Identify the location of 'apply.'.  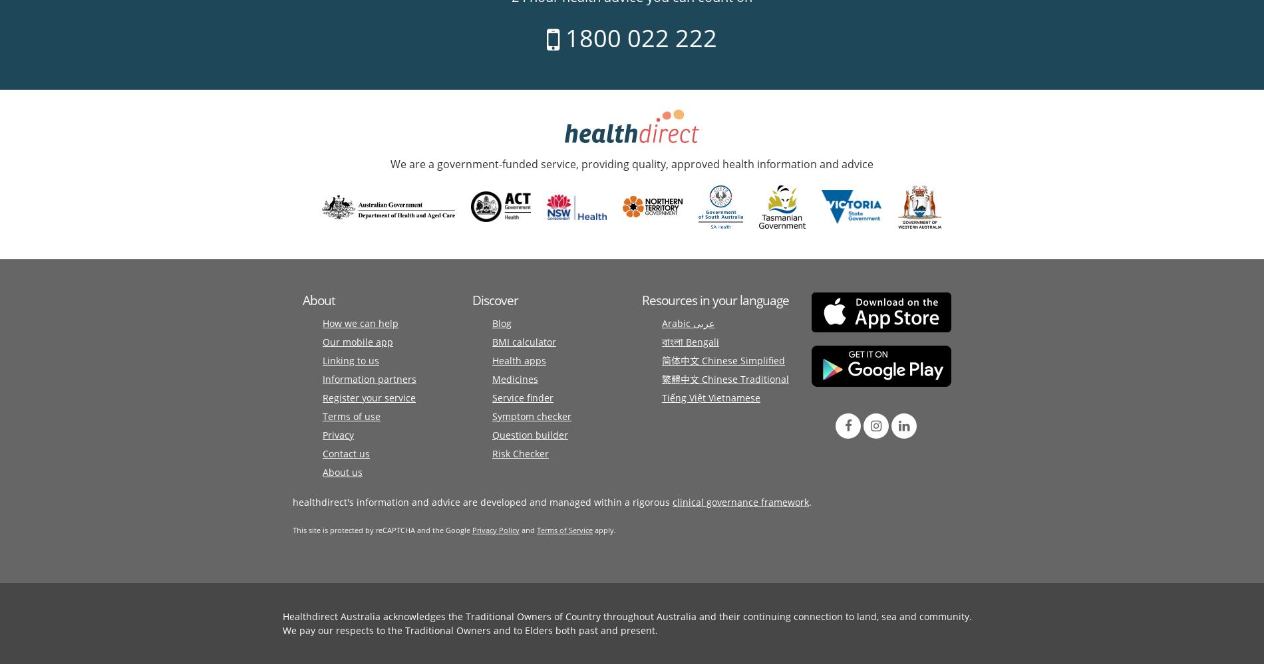
(603, 529).